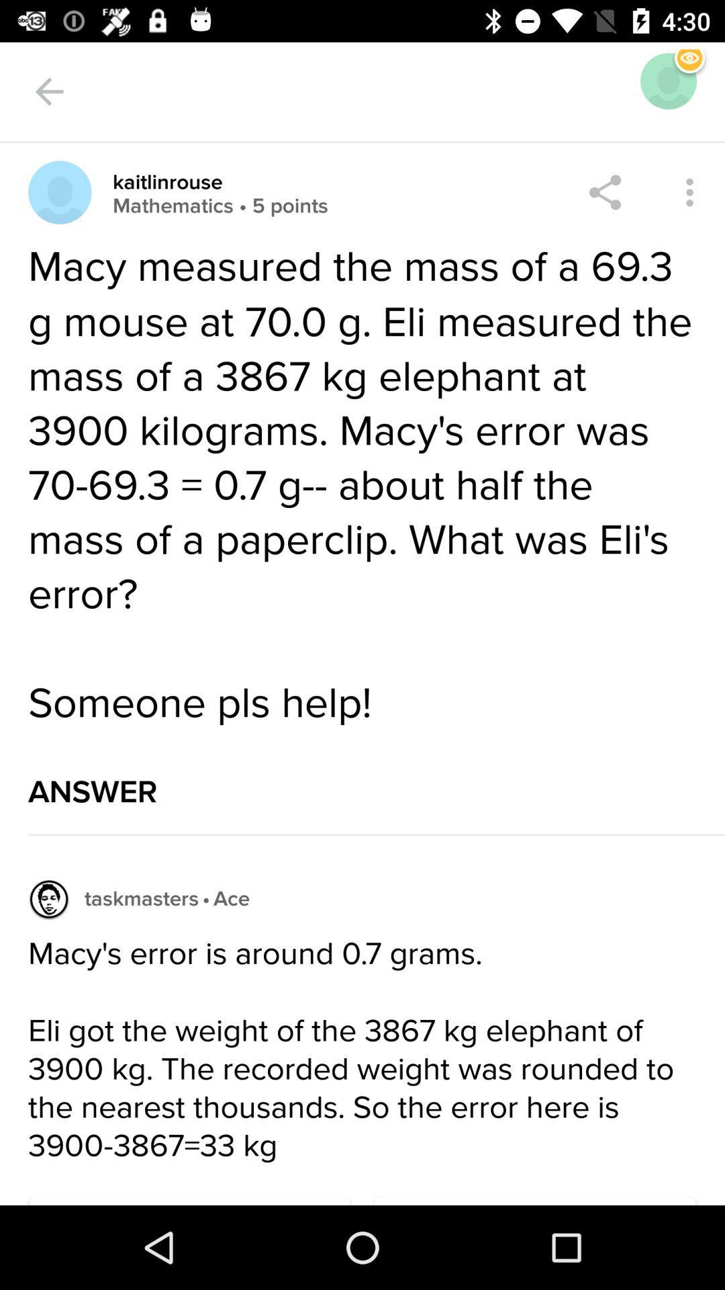 Image resolution: width=725 pixels, height=1290 pixels. I want to click on the more icon, so click(689, 191).